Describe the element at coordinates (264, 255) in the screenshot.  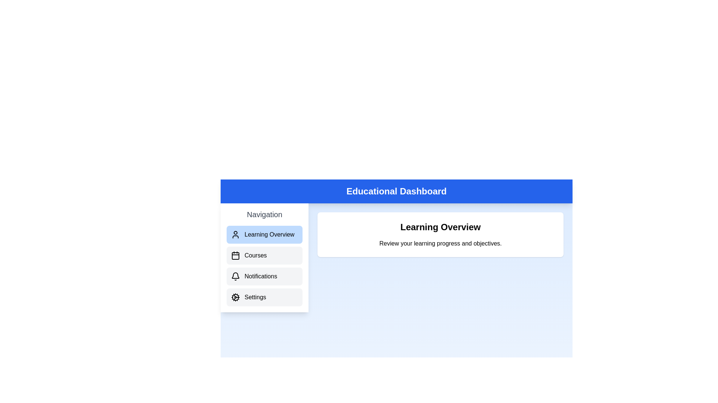
I see `the sidebar option Courses to observe its hover effect` at that location.